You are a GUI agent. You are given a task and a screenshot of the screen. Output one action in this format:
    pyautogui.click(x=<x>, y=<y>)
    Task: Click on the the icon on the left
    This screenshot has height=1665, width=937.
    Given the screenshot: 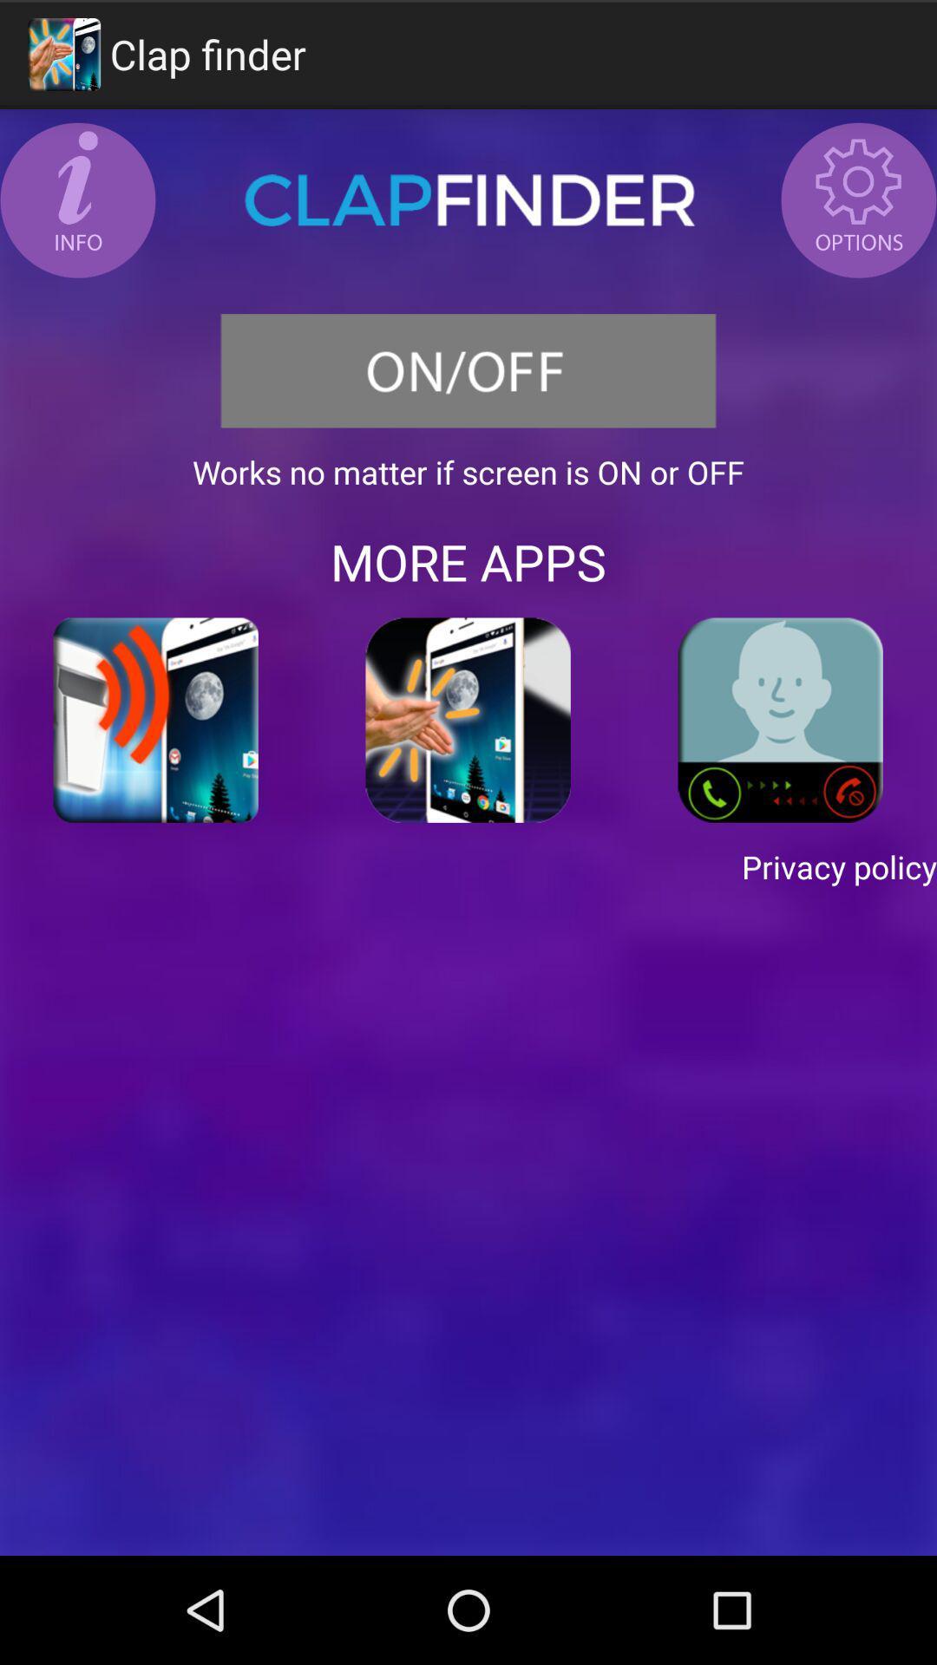 What is the action you would take?
    pyautogui.click(x=156, y=720)
    